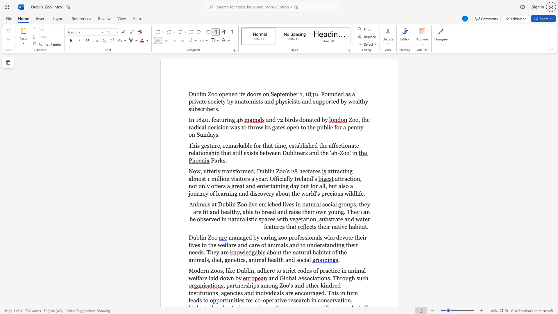  What do you see at coordinates (348, 271) in the screenshot?
I see `the subset text "animal we" within the text "Modern Zoos, like Dublin, adhere to strict codes of practice in animal welfare laid down by"` at bounding box center [348, 271].